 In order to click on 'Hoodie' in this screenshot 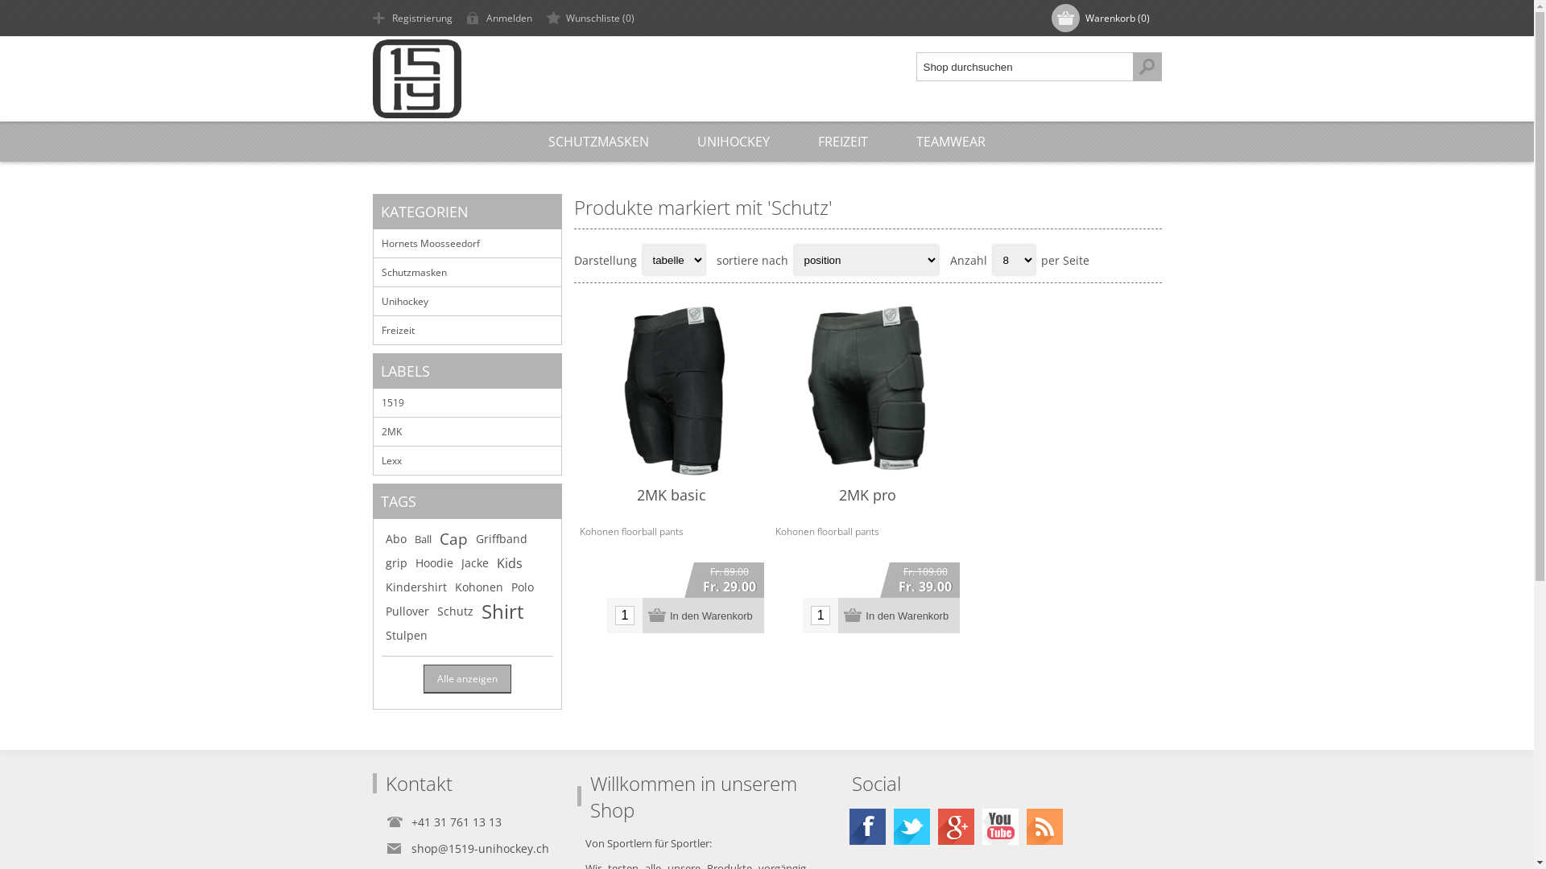, I will do `click(434, 562)`.